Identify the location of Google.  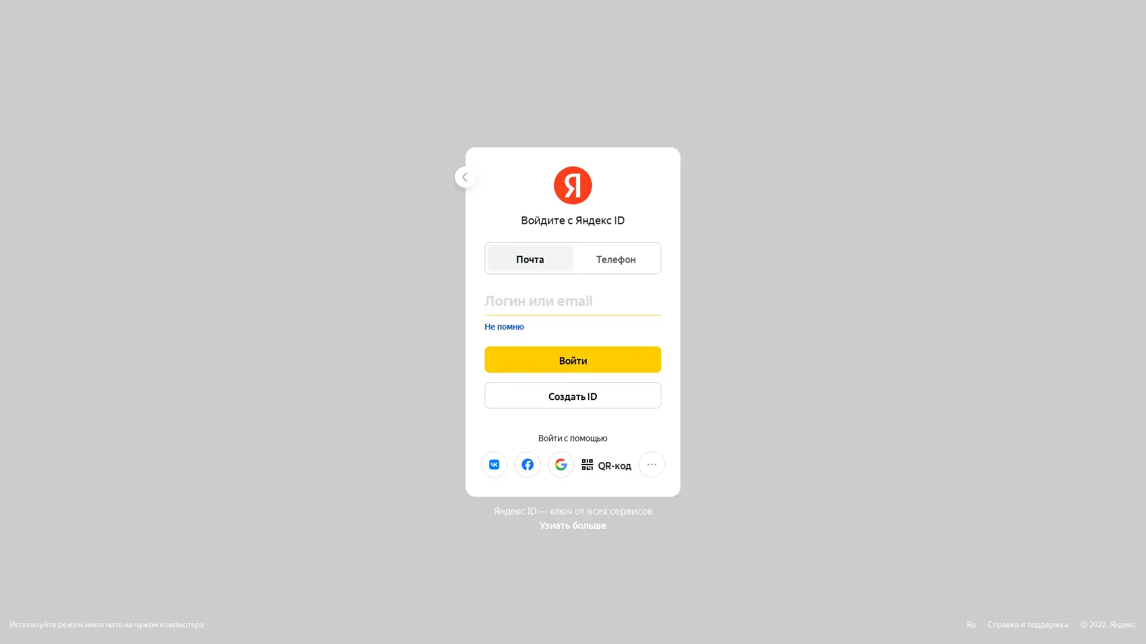
(560, 463).